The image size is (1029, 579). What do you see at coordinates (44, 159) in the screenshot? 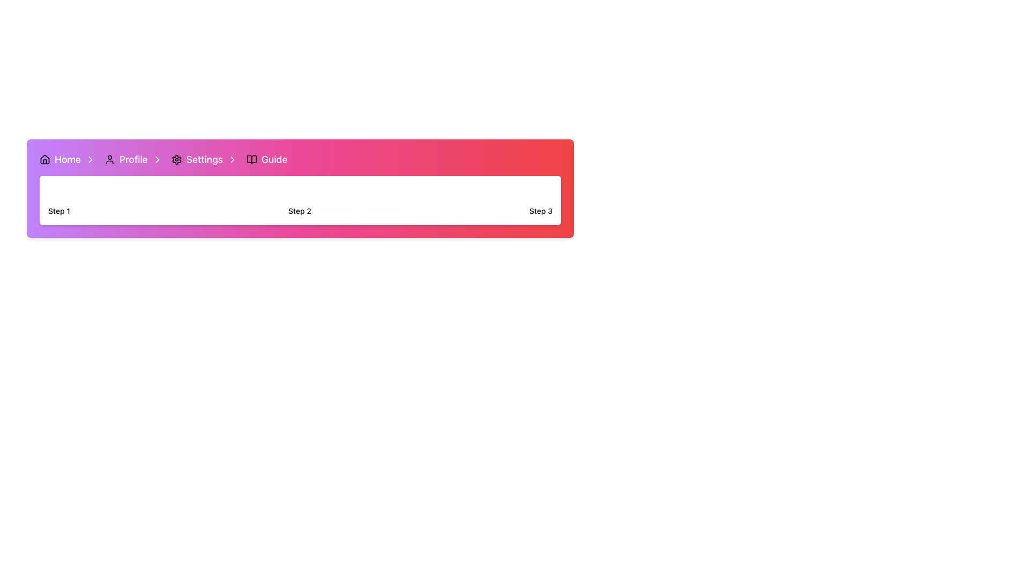
I see `the navigation icon located at the top left corner of the user interface` at bounding box center [44, 159].